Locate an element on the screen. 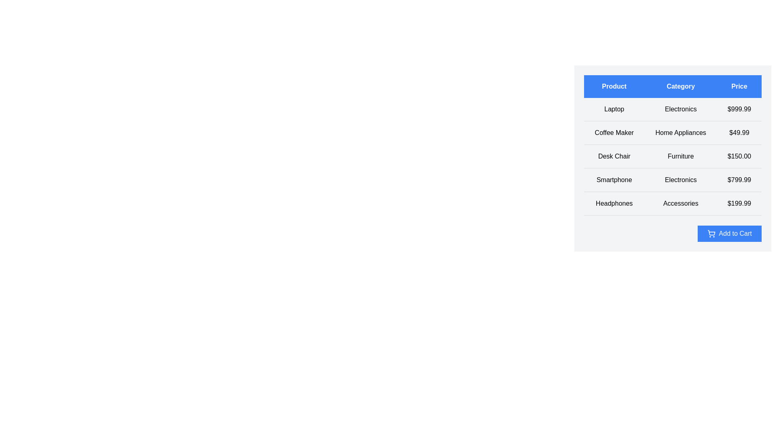 Image resolution: width=782 pixels, height=439 pixels. the 'Electronics' text label, which is the second column in the fourth row of the table under the 'Category' heading is located at coordinates (681, 180).